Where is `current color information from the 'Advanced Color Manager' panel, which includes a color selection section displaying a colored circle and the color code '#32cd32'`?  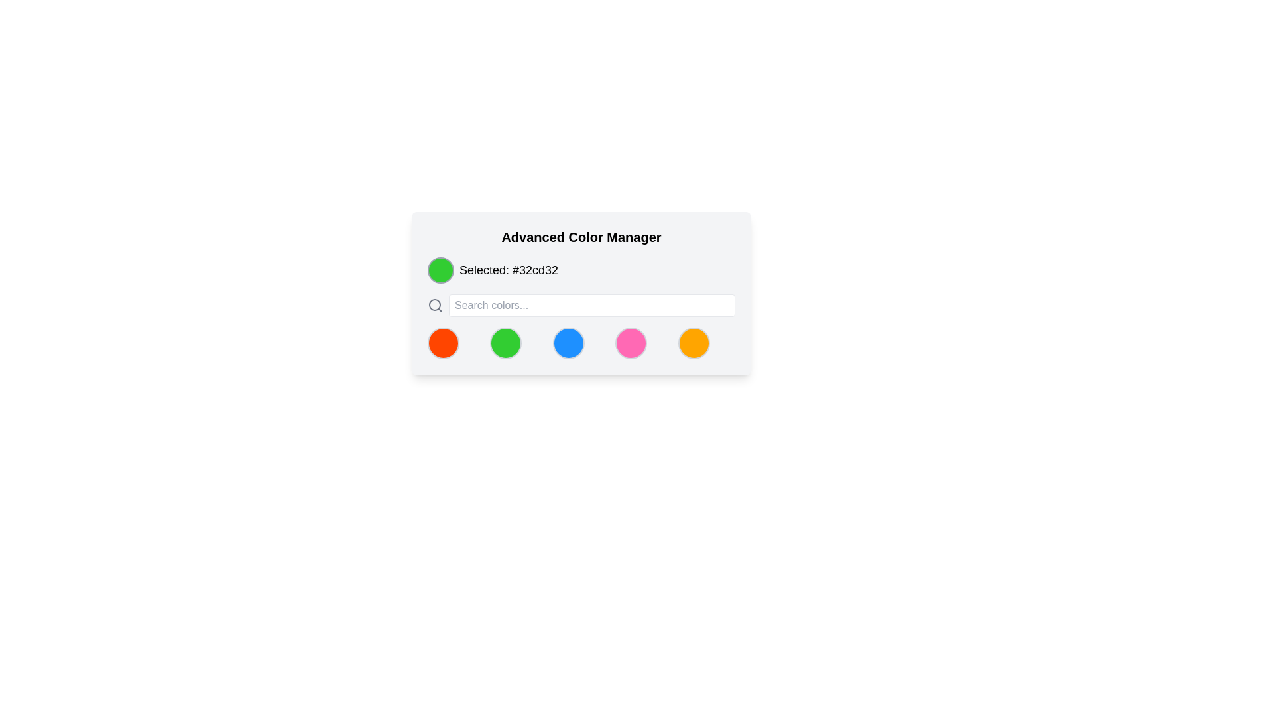 current color information from the 'Advanced Color Manager' panel, which includes a color selection section displaying a colored circle and the color code '#32cd32' is located at coordinates (581, 293).